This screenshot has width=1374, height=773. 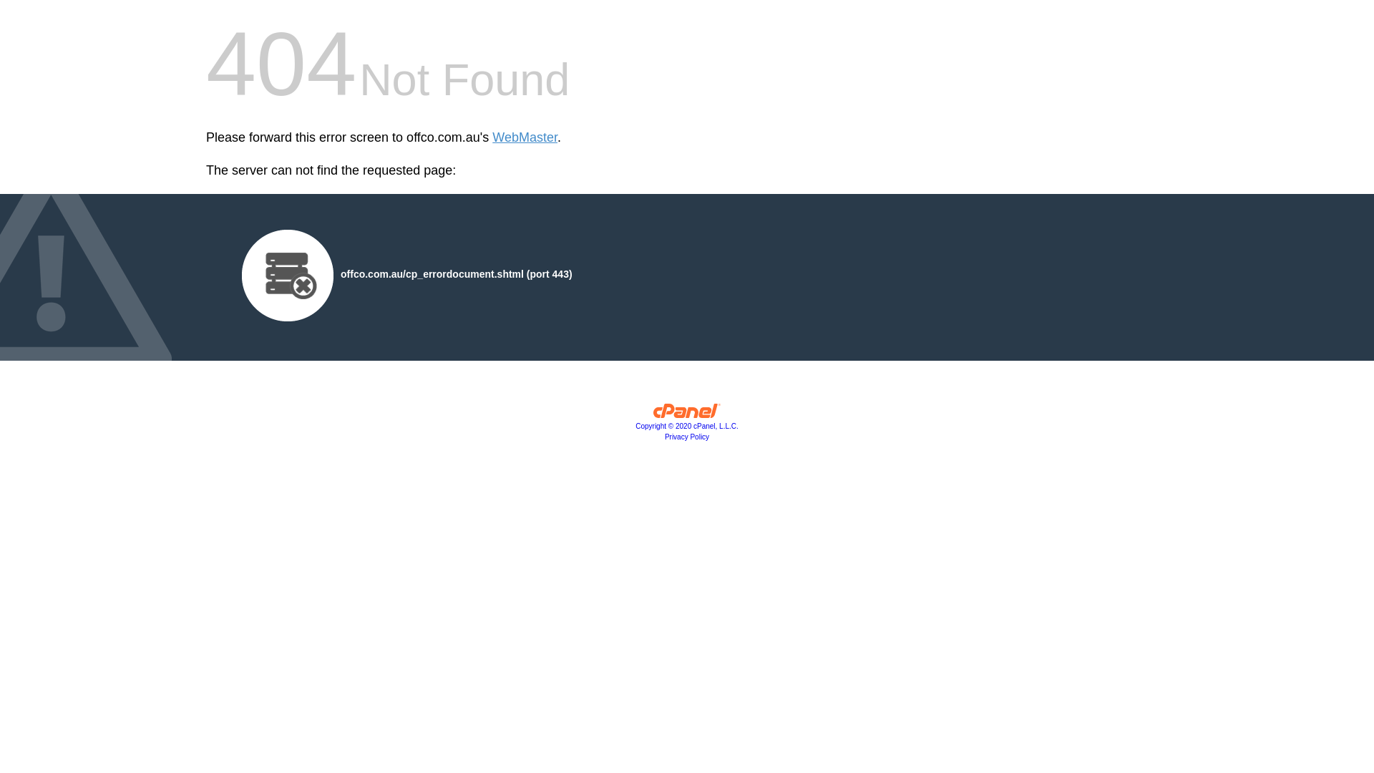 I want to click on 'Privacy Policy', so click(x=687, y=436).